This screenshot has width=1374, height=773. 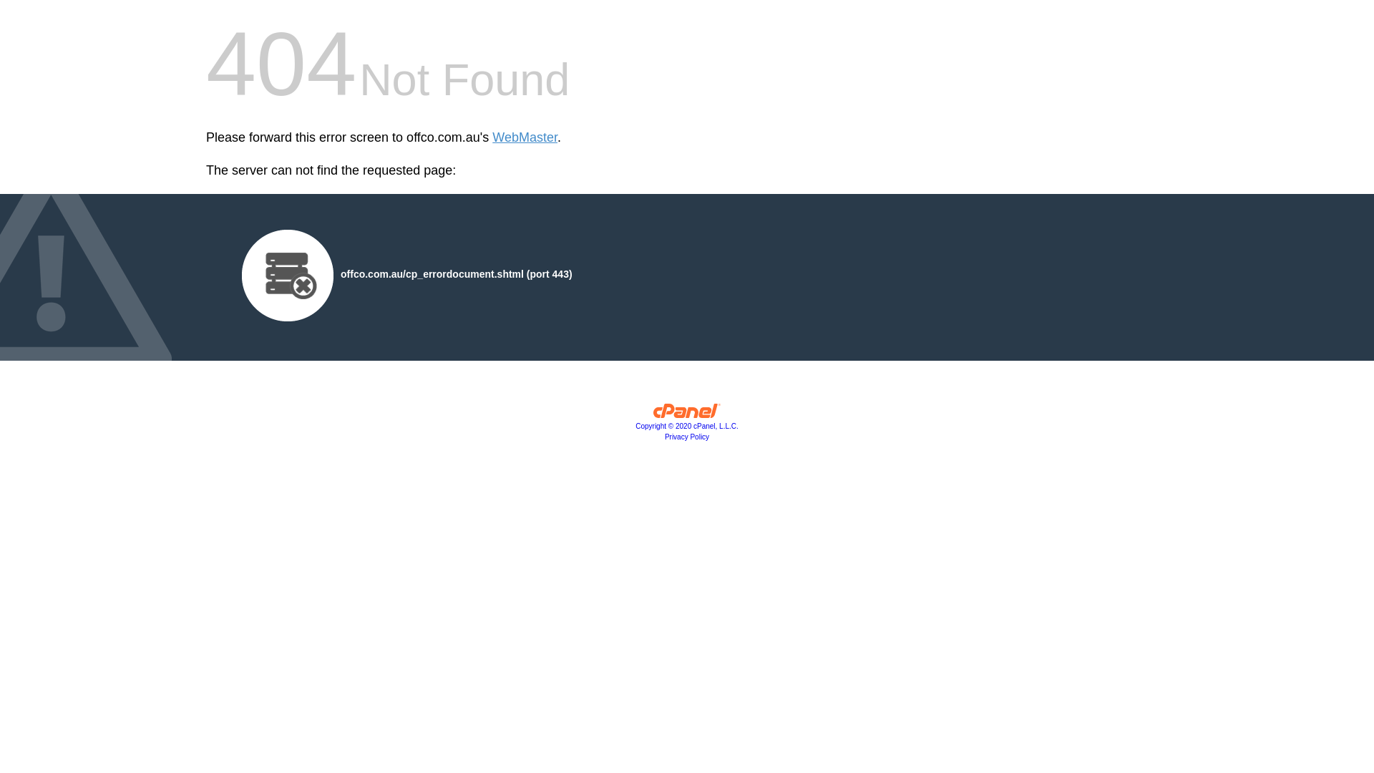 I want to click on 'Privacy Policy', so click(x=687, y=436).